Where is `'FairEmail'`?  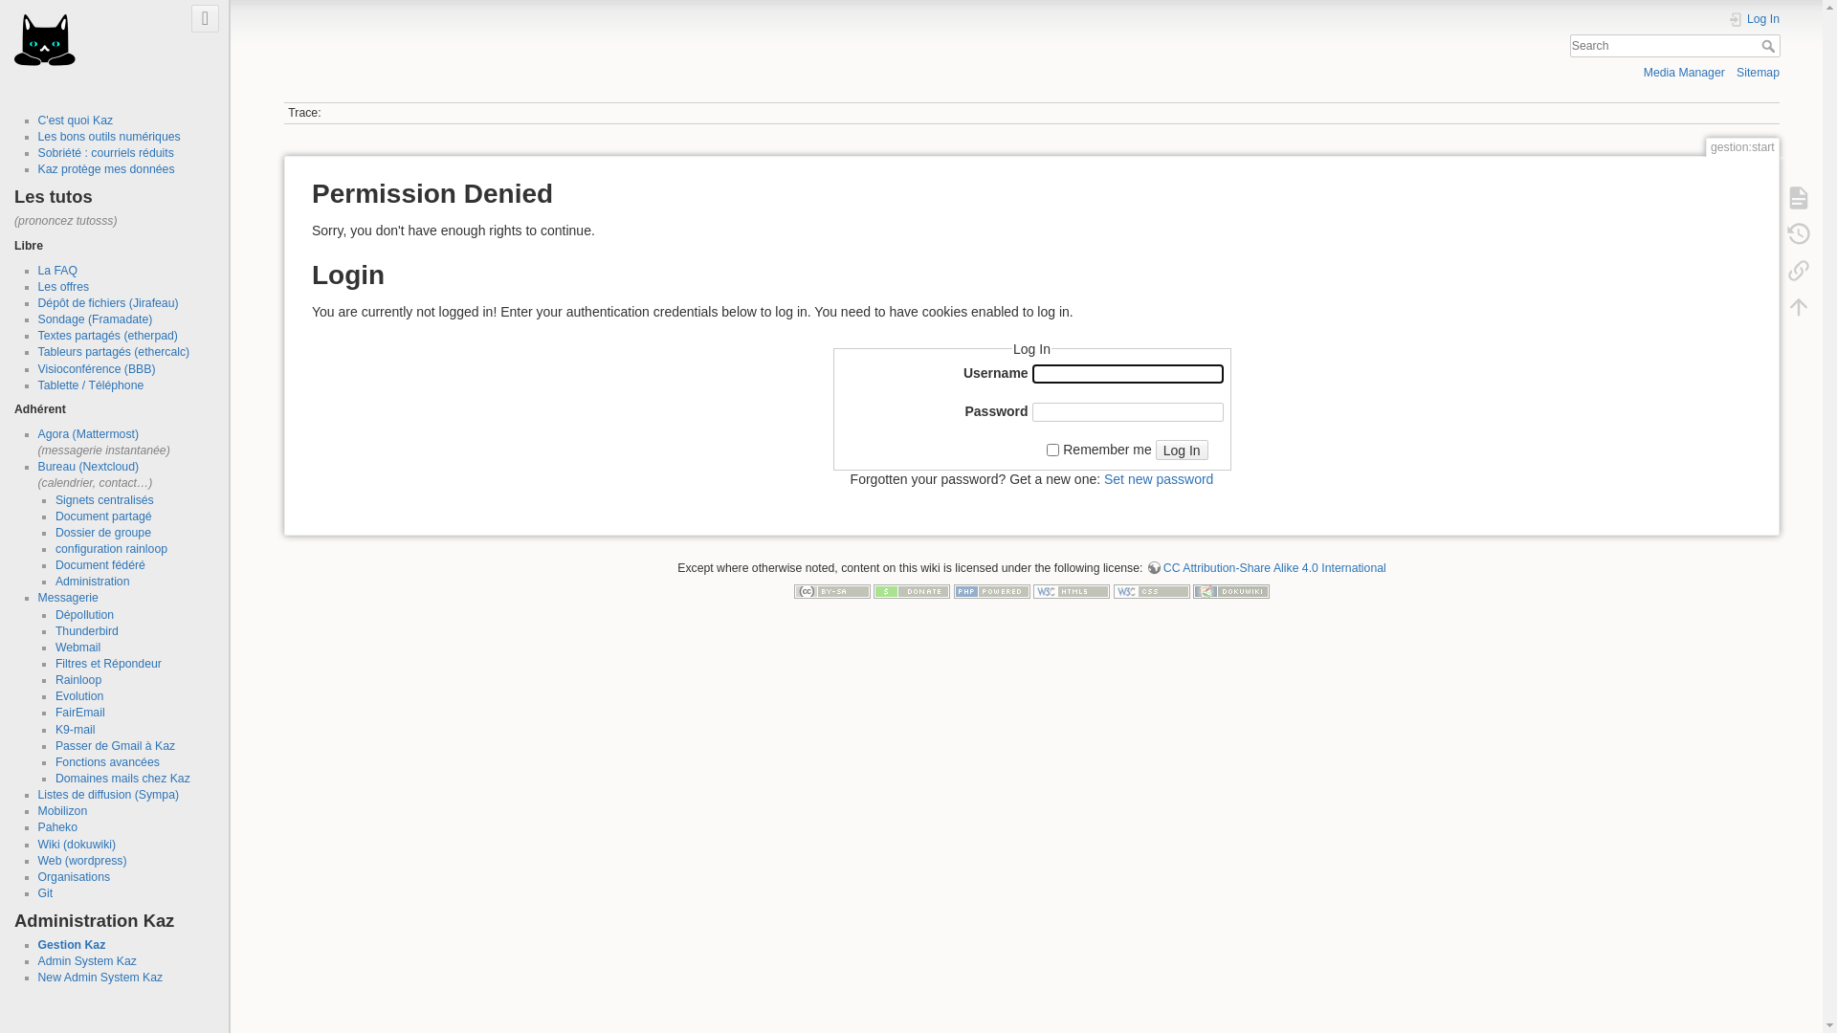
'FairEmail' is located at coordinates (78, 712).